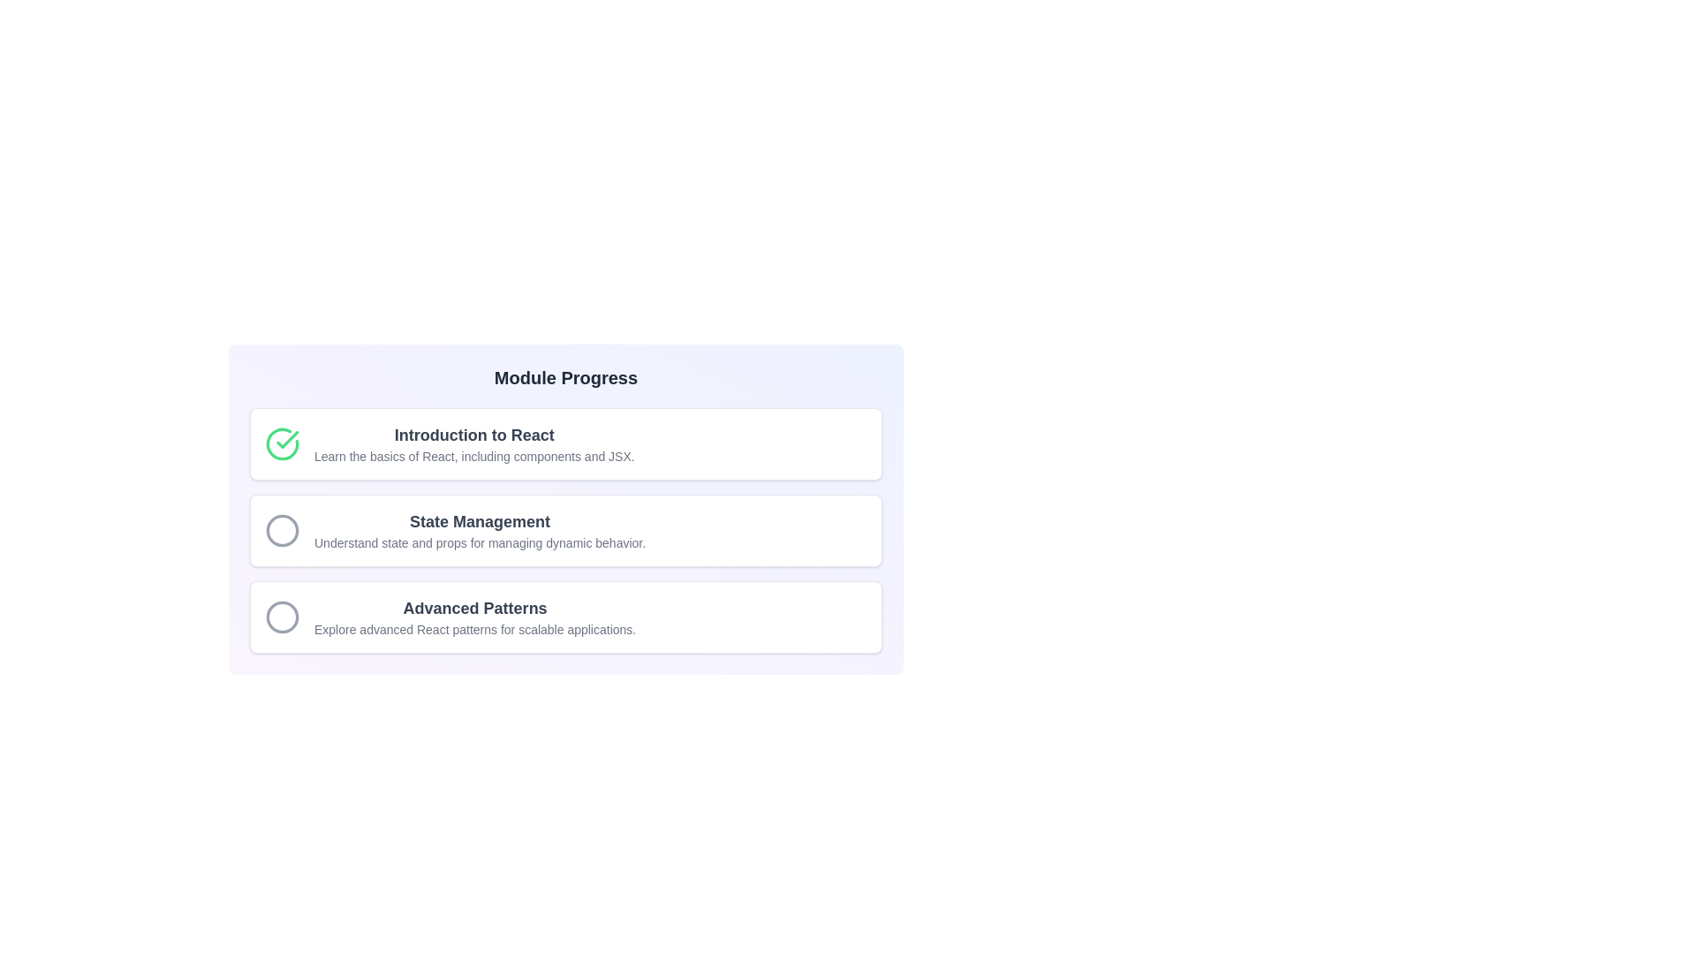 The image size is (1696, 954). What do you see at coordinates (283, 530) in the screenshot?
I see `the Circle Progress Indicator that indicates the current progress status of the 'State Management' module, which is the second indicator in the vertical list of progress items` at bounding box center [283, 530].